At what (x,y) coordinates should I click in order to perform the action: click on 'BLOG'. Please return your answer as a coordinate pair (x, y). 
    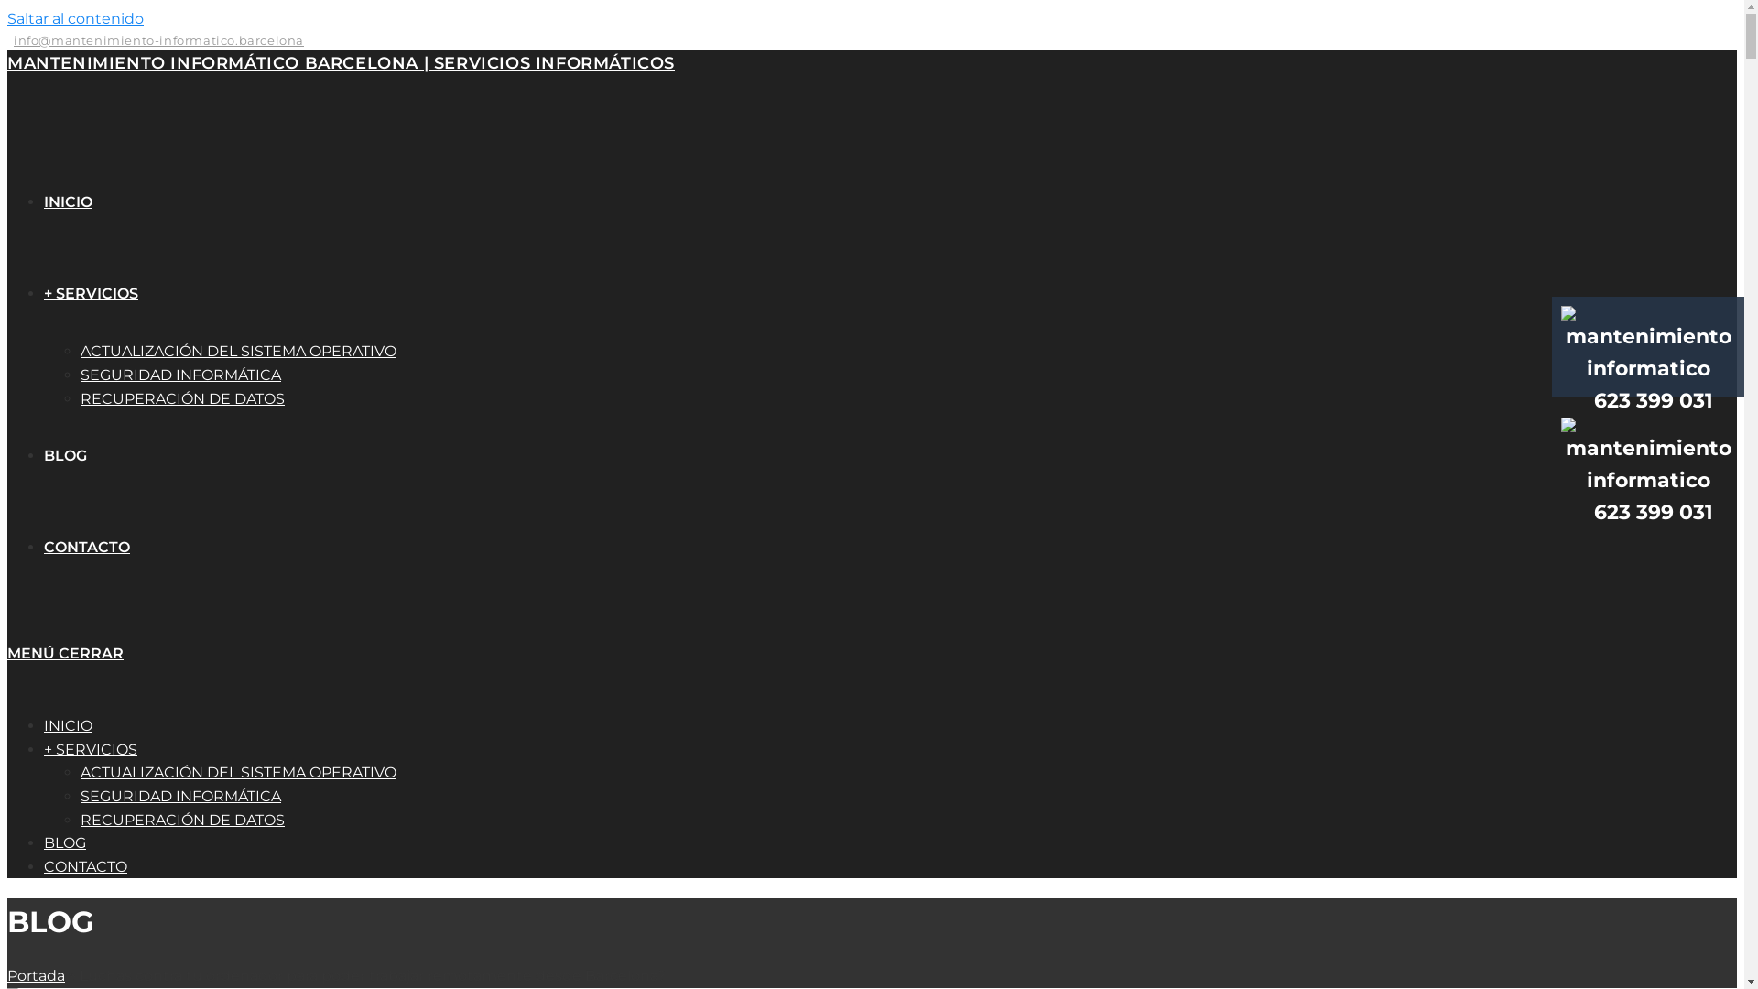
    Looking at the image, I should click on (65, 842).